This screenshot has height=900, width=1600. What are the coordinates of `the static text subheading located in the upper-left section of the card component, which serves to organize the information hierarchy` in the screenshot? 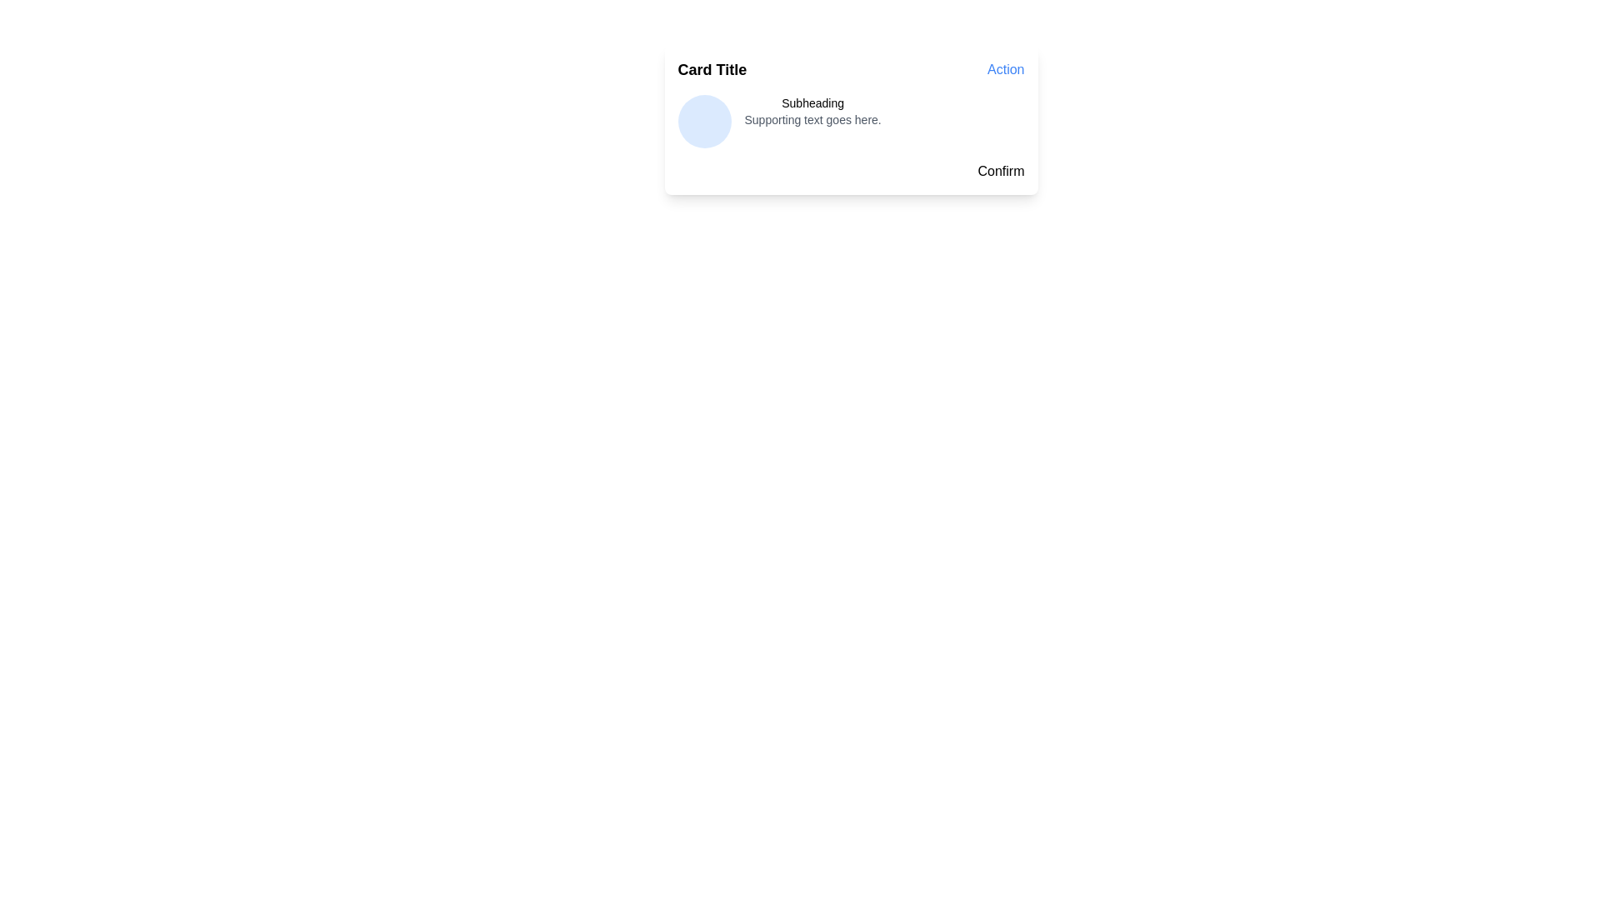 It's located at (812, 102).